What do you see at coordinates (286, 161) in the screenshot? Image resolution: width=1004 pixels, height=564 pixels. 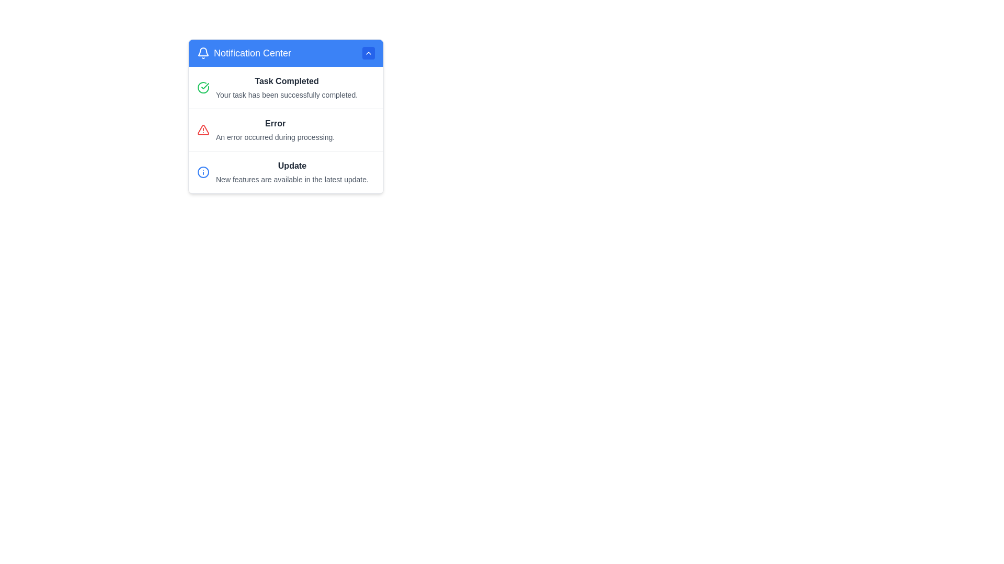 I see `individual notifications within the Notification Panel, which has a white background and rounded corners, located centrally in the interface with the title 'Notification Center' at the top` at bounding box center [286, 161].